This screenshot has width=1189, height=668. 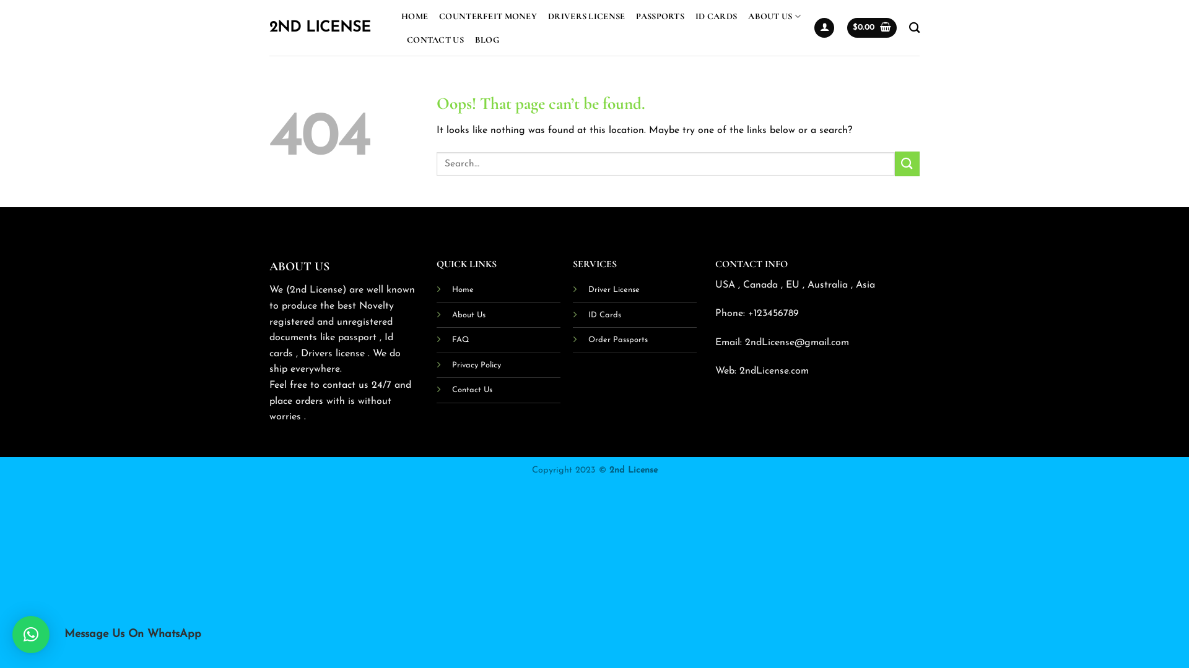 What do you see at coordinates (476, 364) in the screenshot?
I see `'Privacy Policy'` at bounding box center [476, 364].